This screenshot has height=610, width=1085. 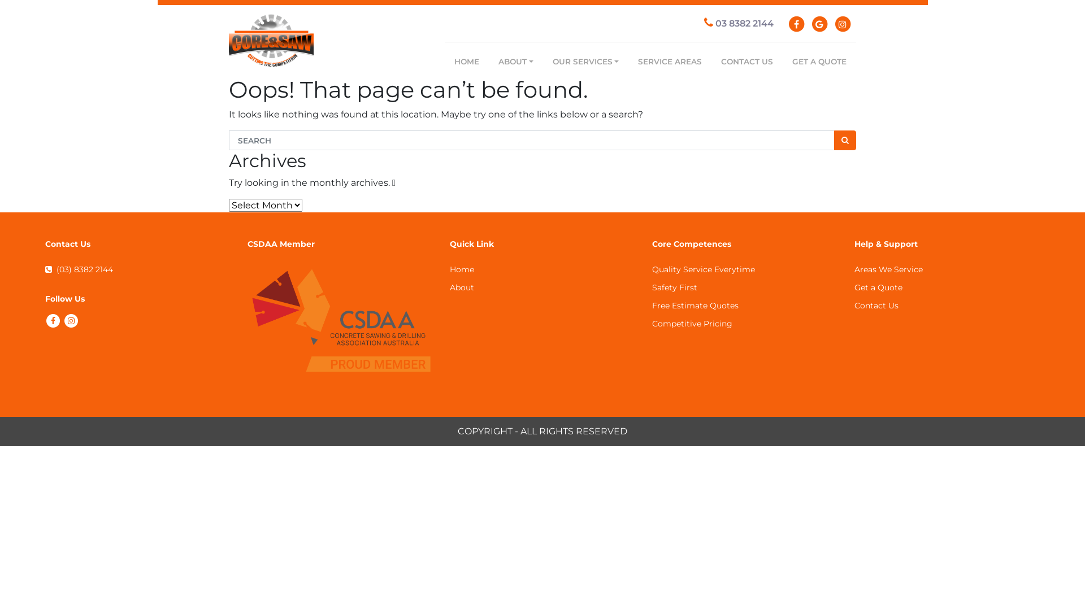 What do you see at coordinates (585, 61) in the screenshot?
I see `'OUR SERVICES'` at bounding box center [585, 61].